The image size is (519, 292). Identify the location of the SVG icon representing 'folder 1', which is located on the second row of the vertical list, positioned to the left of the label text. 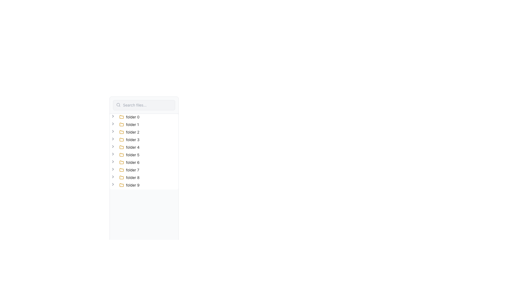
(121, 125).